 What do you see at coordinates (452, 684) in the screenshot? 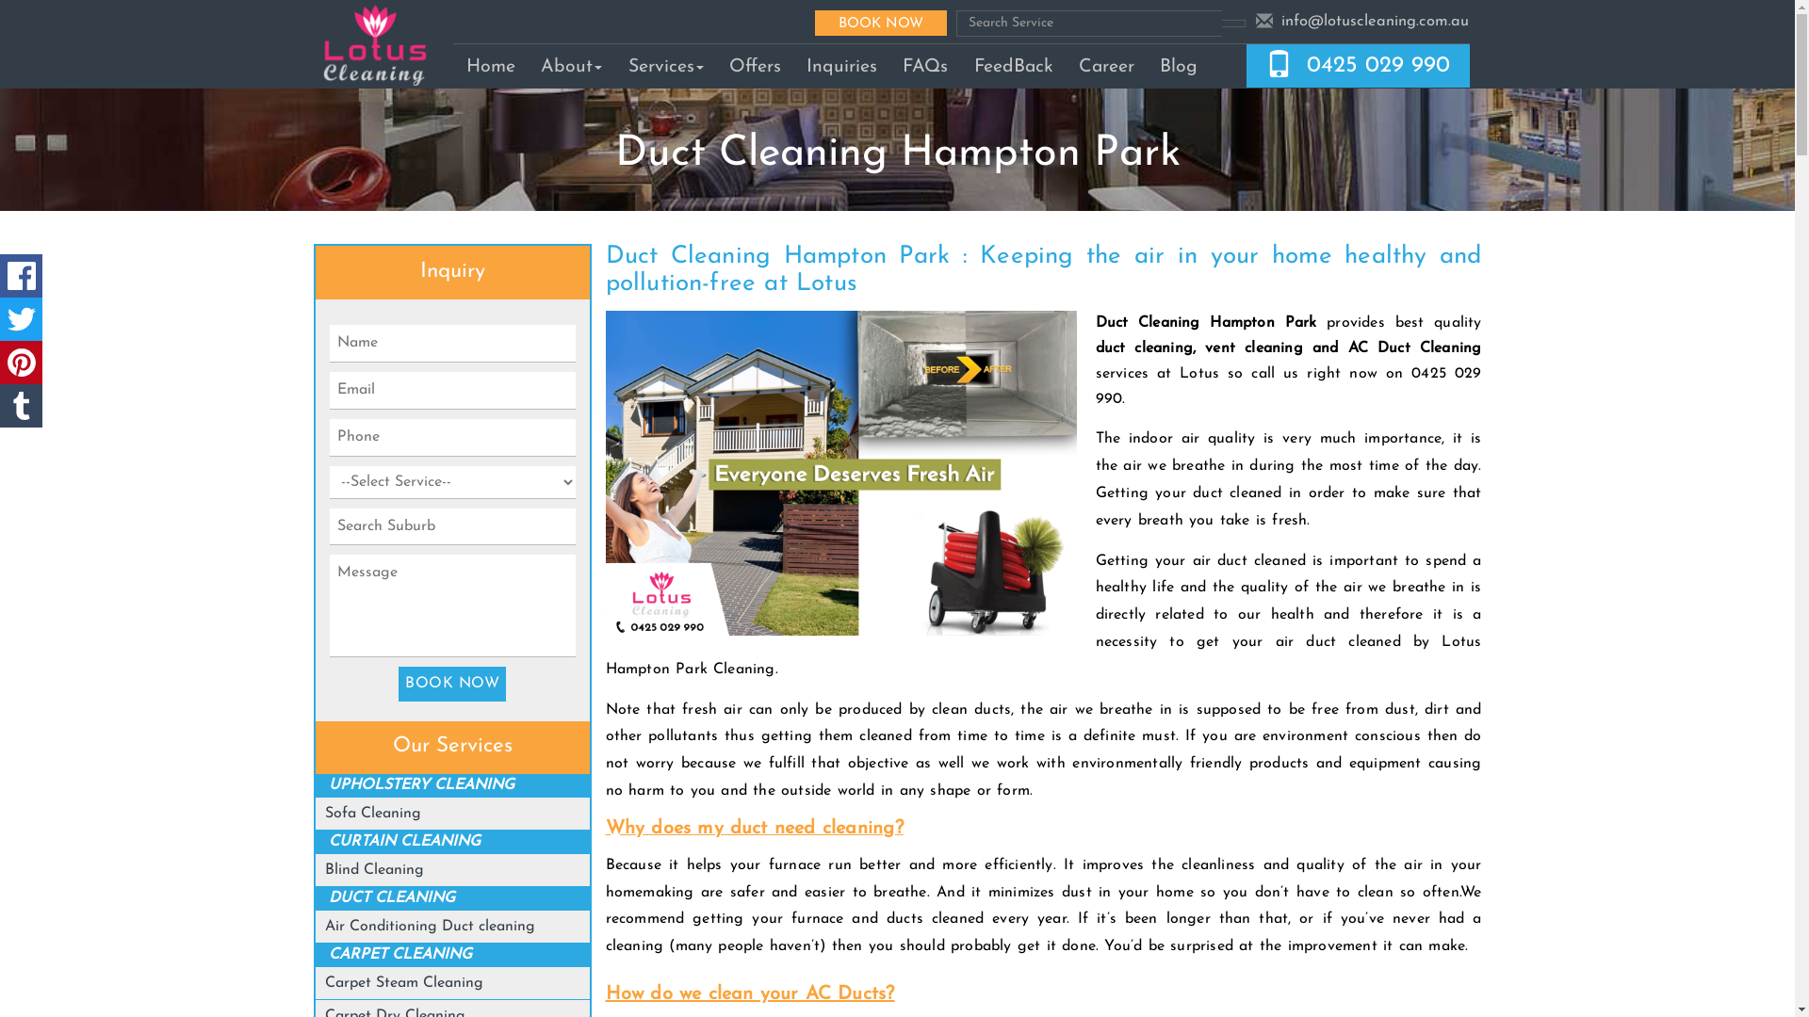
I see `'BOOK NOW'` at bounding box center [452, 684].